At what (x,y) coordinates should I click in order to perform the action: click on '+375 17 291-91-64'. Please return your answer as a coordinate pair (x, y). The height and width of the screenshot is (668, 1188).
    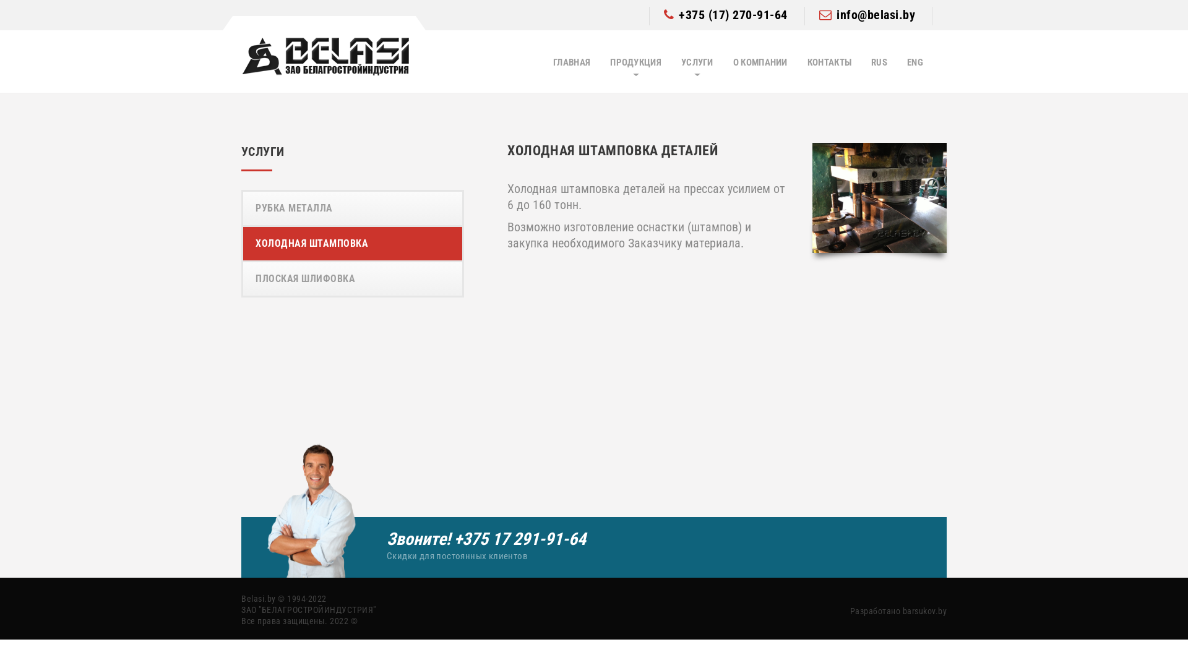
    Looking at the image, I should click on (520, 538).